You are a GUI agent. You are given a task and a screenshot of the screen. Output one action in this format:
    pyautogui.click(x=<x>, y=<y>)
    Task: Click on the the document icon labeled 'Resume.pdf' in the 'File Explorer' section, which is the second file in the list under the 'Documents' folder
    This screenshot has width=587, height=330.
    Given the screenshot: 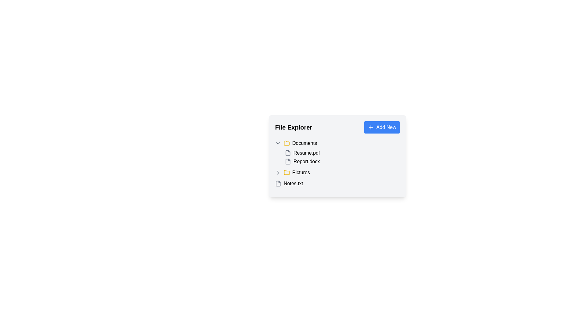 What is the action you would take?
    pyautogui.click(x=287, y=153)
    